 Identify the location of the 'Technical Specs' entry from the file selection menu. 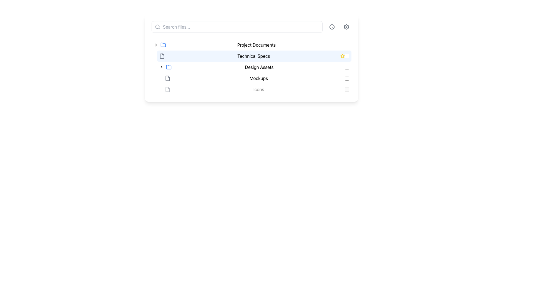
(251, 58).